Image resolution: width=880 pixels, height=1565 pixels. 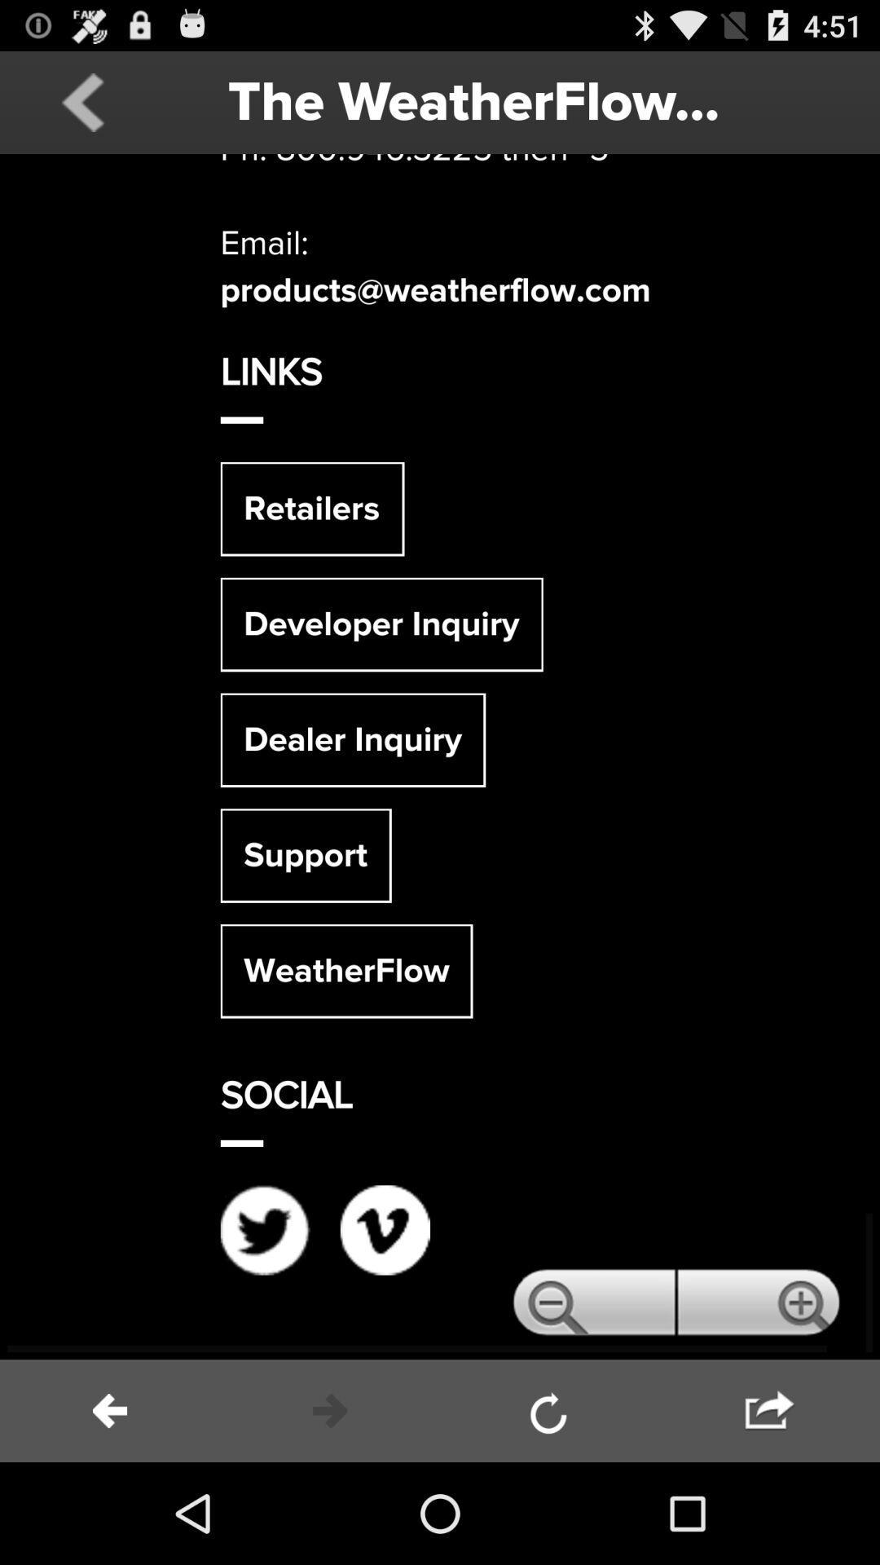 What do you see at coordinates (330, 1410) in the screenshot?
I see `go forward` at bounding box center [330, 1410].